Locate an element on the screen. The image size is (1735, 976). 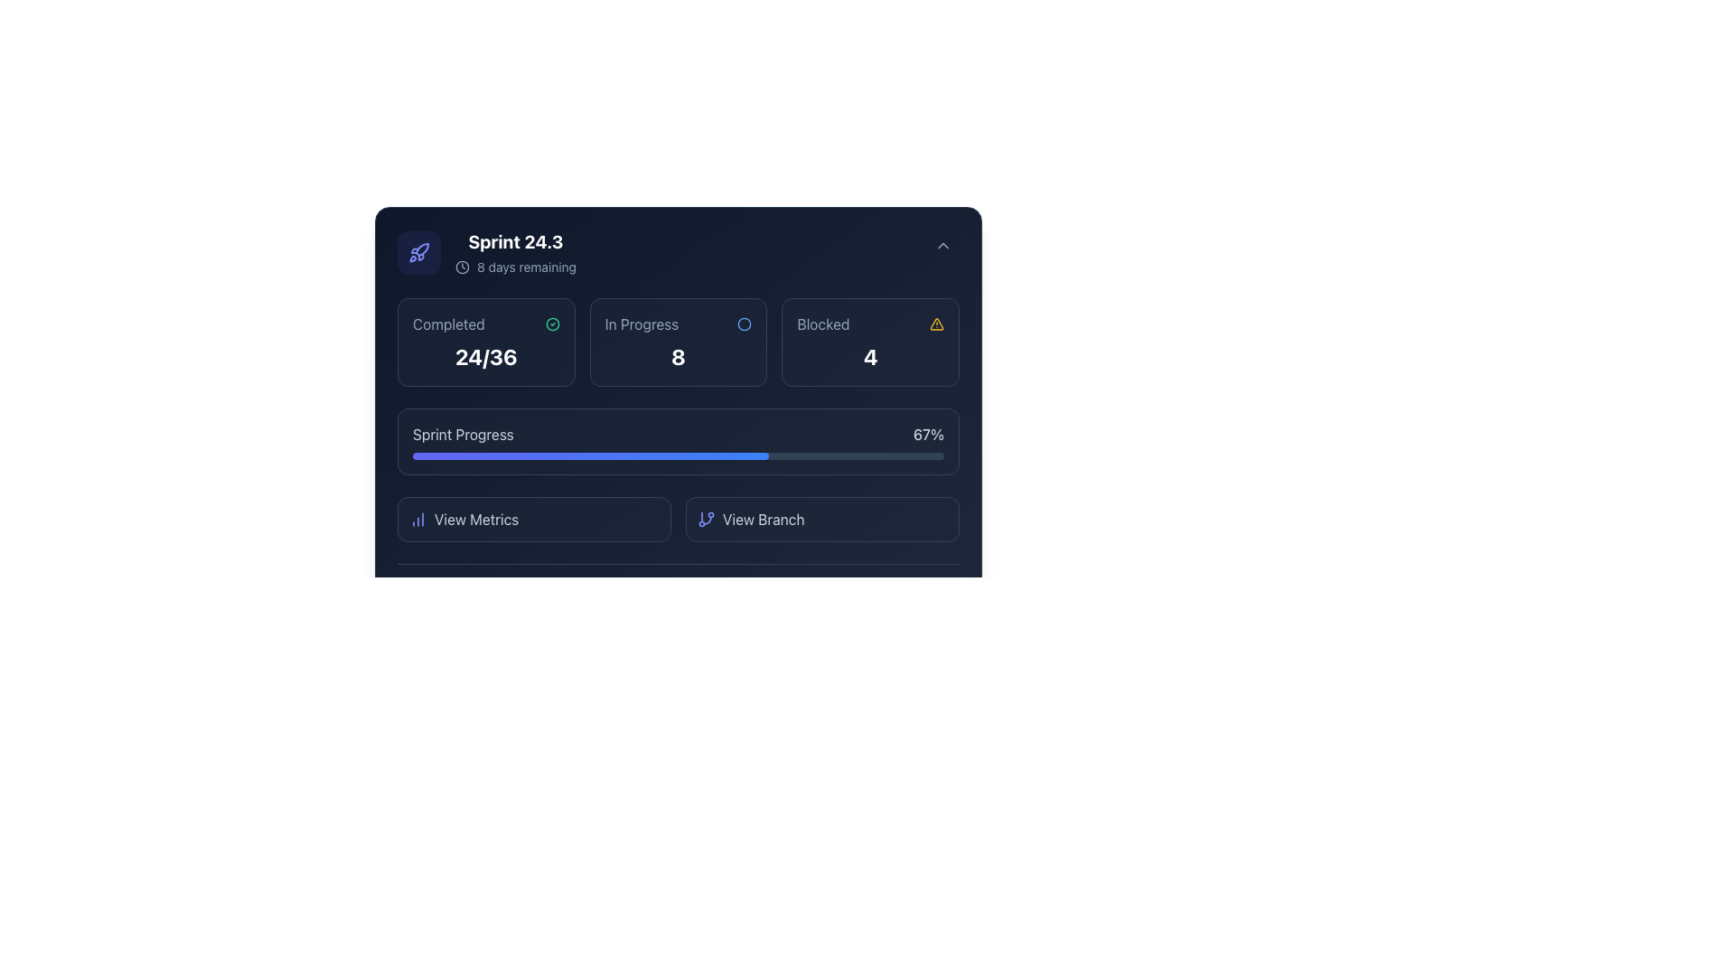
informational text display showing 'Sprint 24.3' in bold white and '8 days remaining' in smaller gray, located near the top-left section of the user interface under a rocket icon is located at coordinates (515, 253).